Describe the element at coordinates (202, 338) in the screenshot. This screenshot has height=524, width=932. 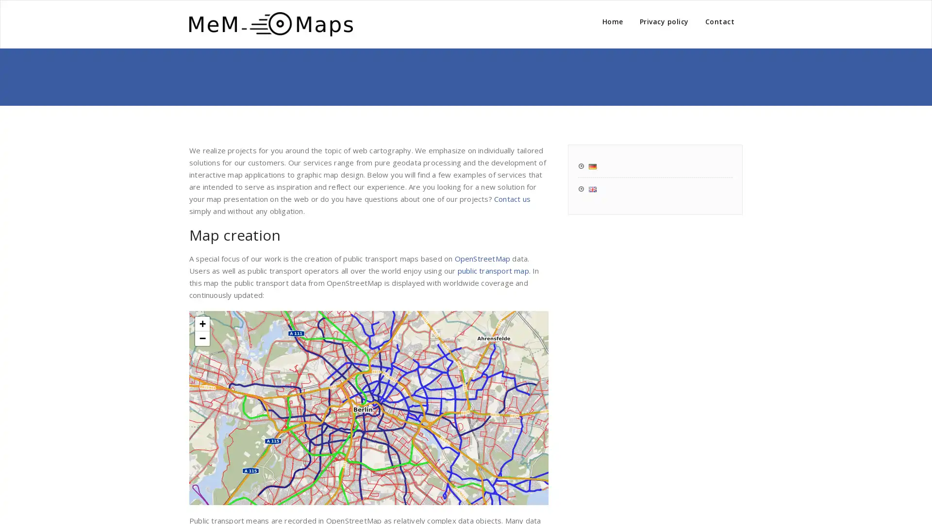
I see `Zoom out` at that location.